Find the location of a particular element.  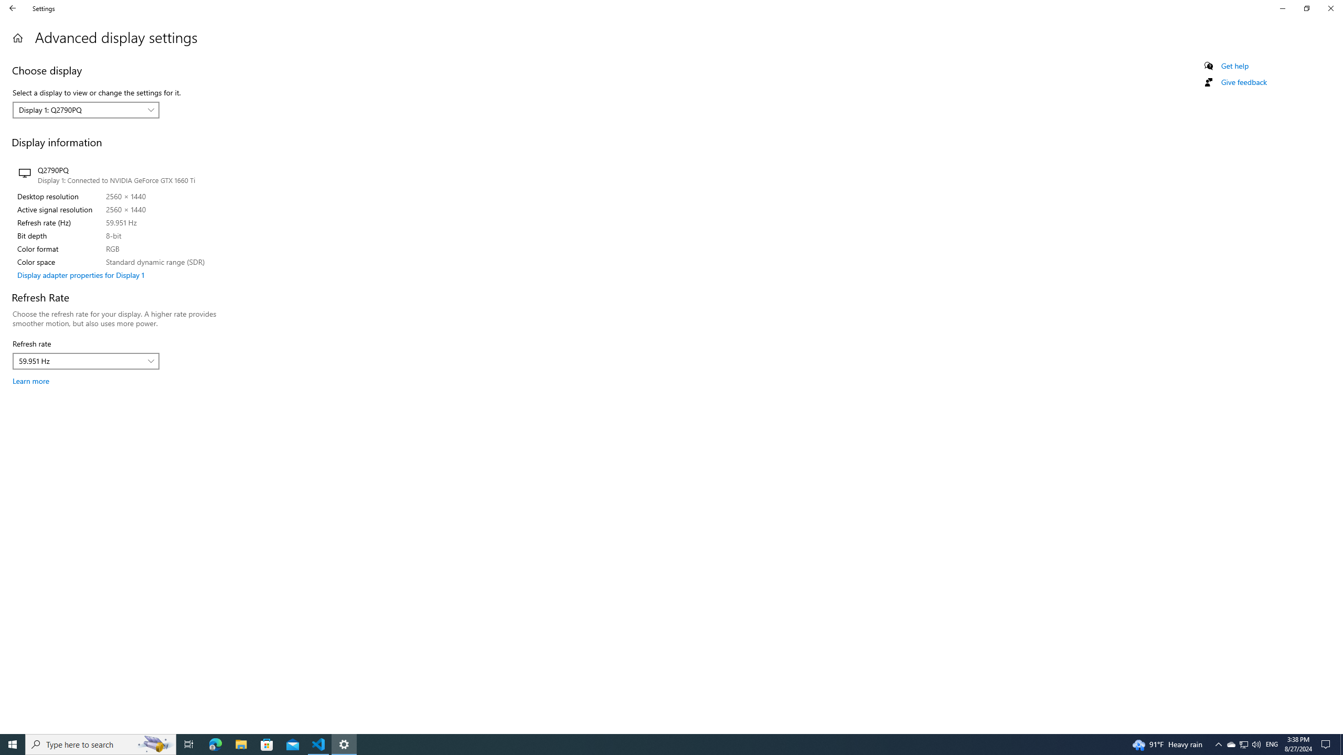

'Back' is located at coordinates (13, 8).